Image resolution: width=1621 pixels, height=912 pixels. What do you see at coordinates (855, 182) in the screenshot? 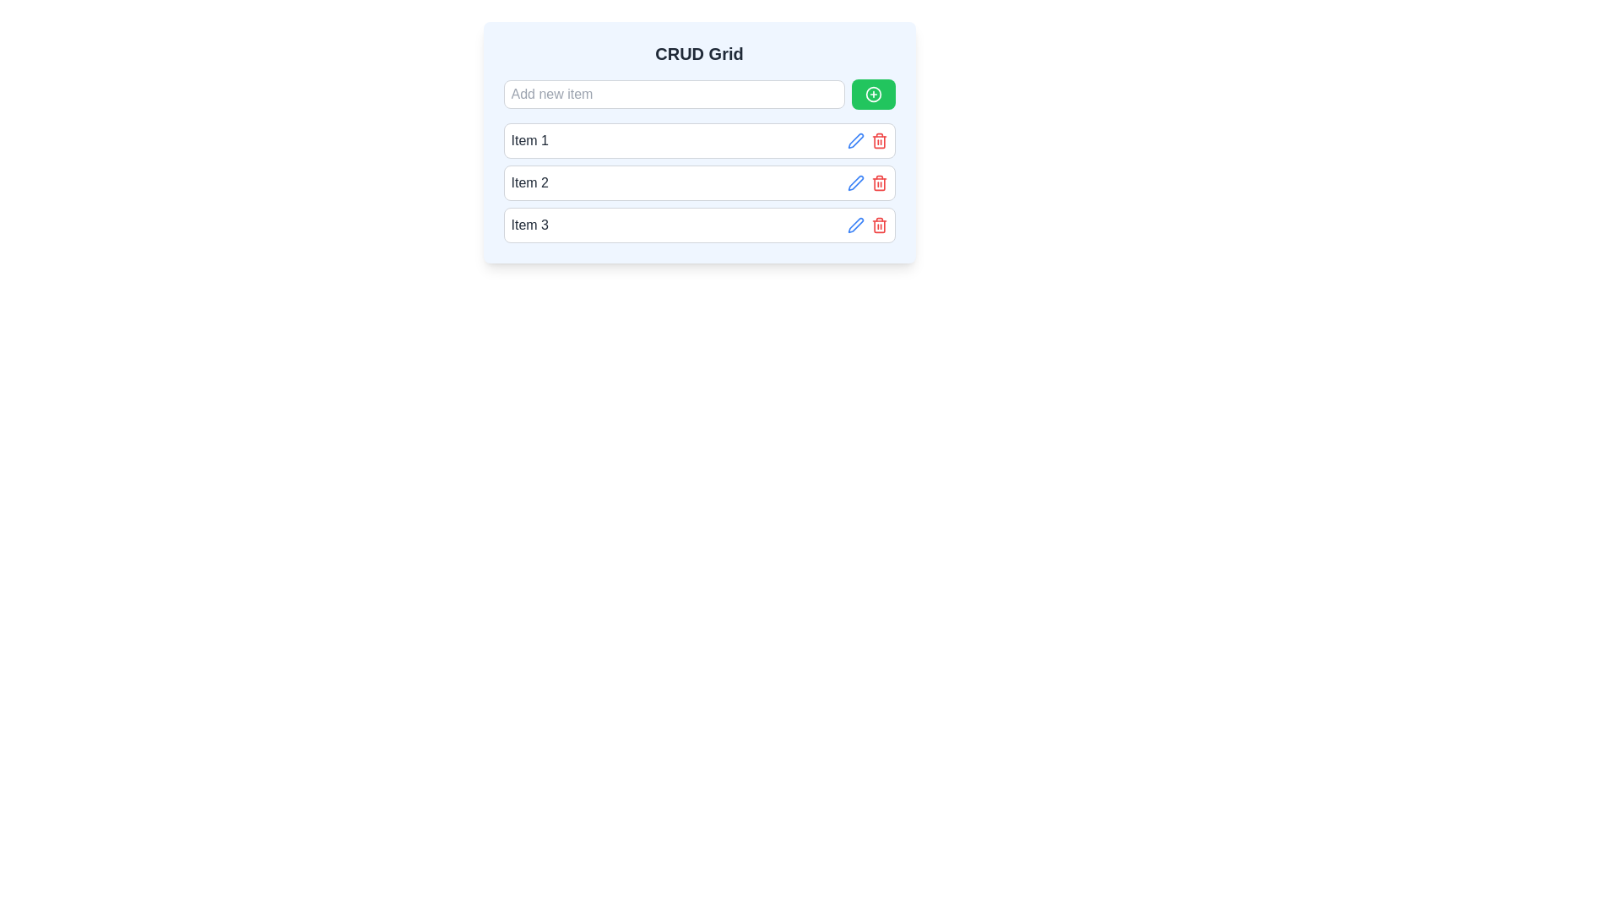
I see `the stylized pen icon in the second row of the CRUD grid layout` at bounding box center [855, 182].